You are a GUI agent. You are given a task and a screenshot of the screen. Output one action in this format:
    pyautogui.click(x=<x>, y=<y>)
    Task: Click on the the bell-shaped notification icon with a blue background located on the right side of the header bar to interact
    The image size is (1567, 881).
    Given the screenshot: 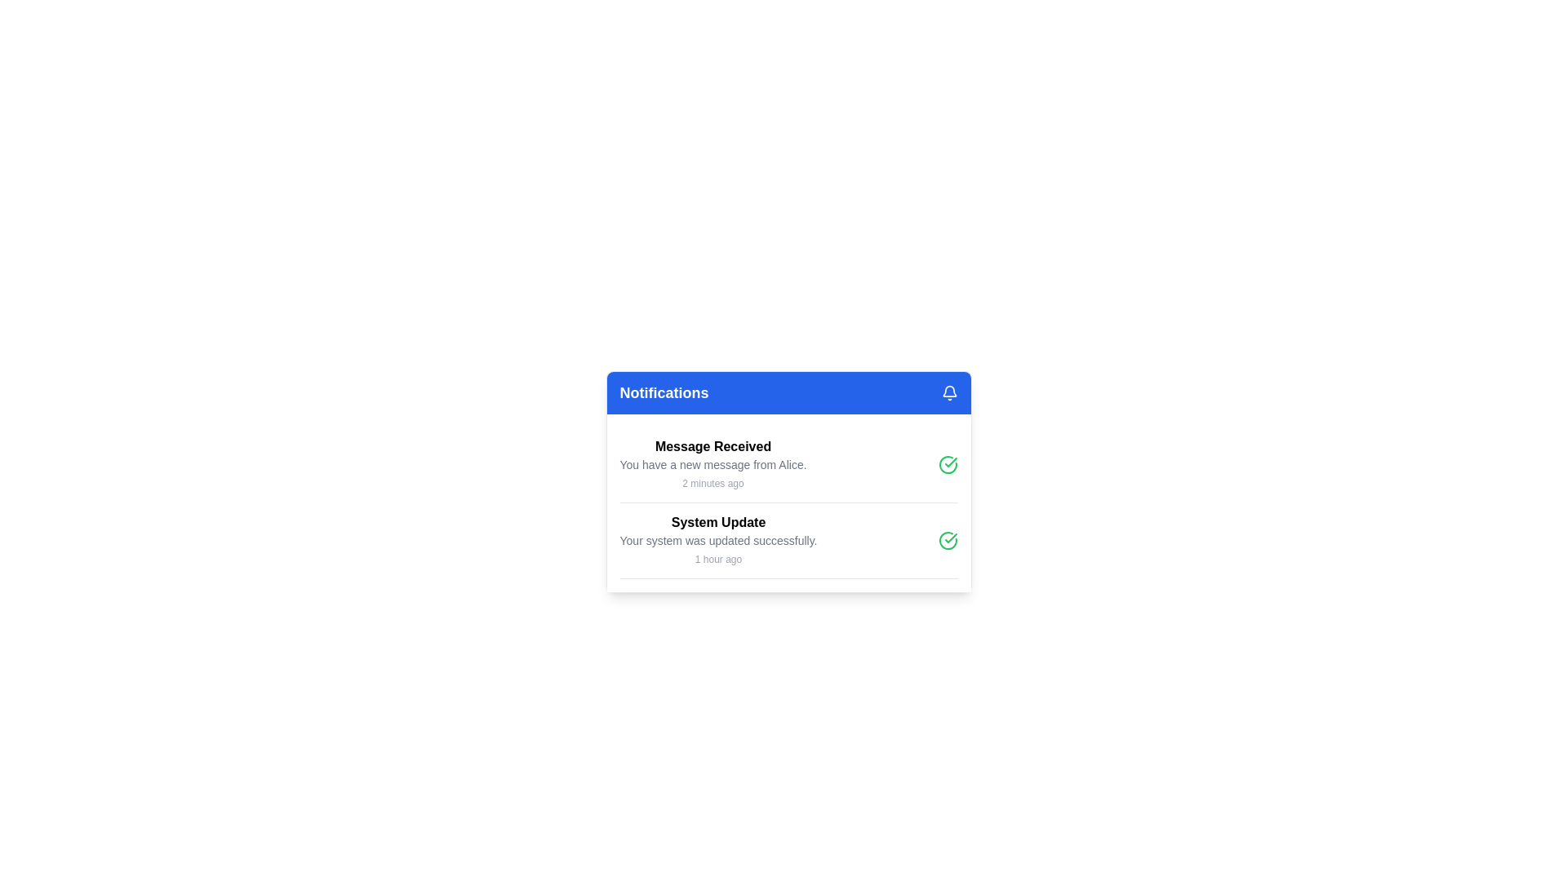 What is the action you would take?
    pyautogui.click(x=949, y=393)
    